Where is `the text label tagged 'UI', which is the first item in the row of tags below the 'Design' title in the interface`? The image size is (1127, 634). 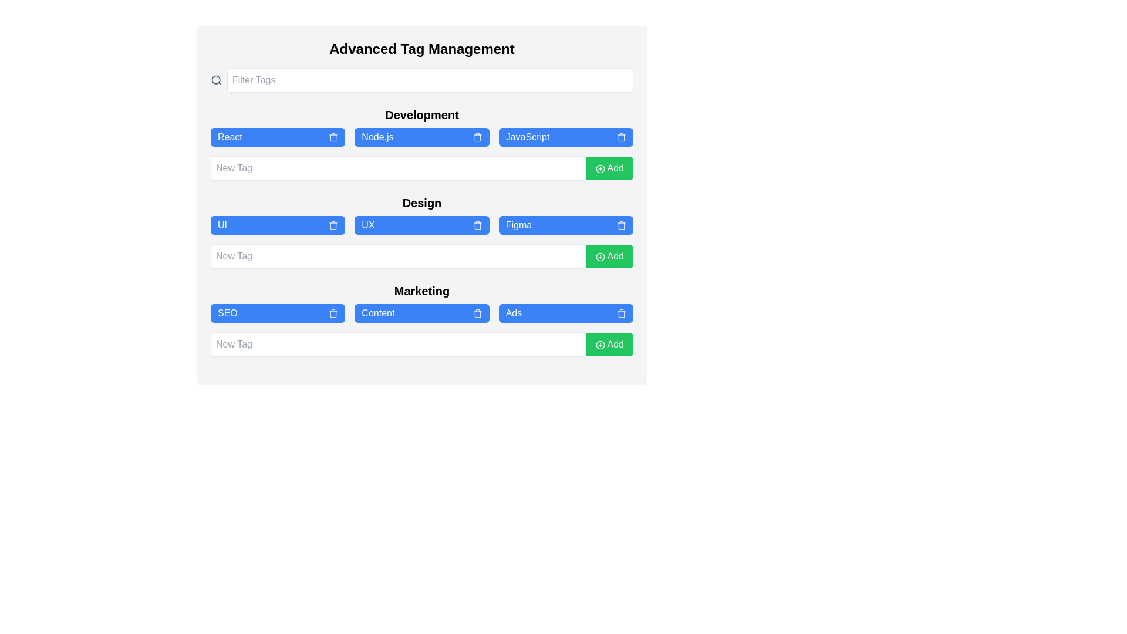 the text label tagged 'UI', which is the first item in the row of tags below the 'Design' title in the interface is located at coordinates (222, 225).